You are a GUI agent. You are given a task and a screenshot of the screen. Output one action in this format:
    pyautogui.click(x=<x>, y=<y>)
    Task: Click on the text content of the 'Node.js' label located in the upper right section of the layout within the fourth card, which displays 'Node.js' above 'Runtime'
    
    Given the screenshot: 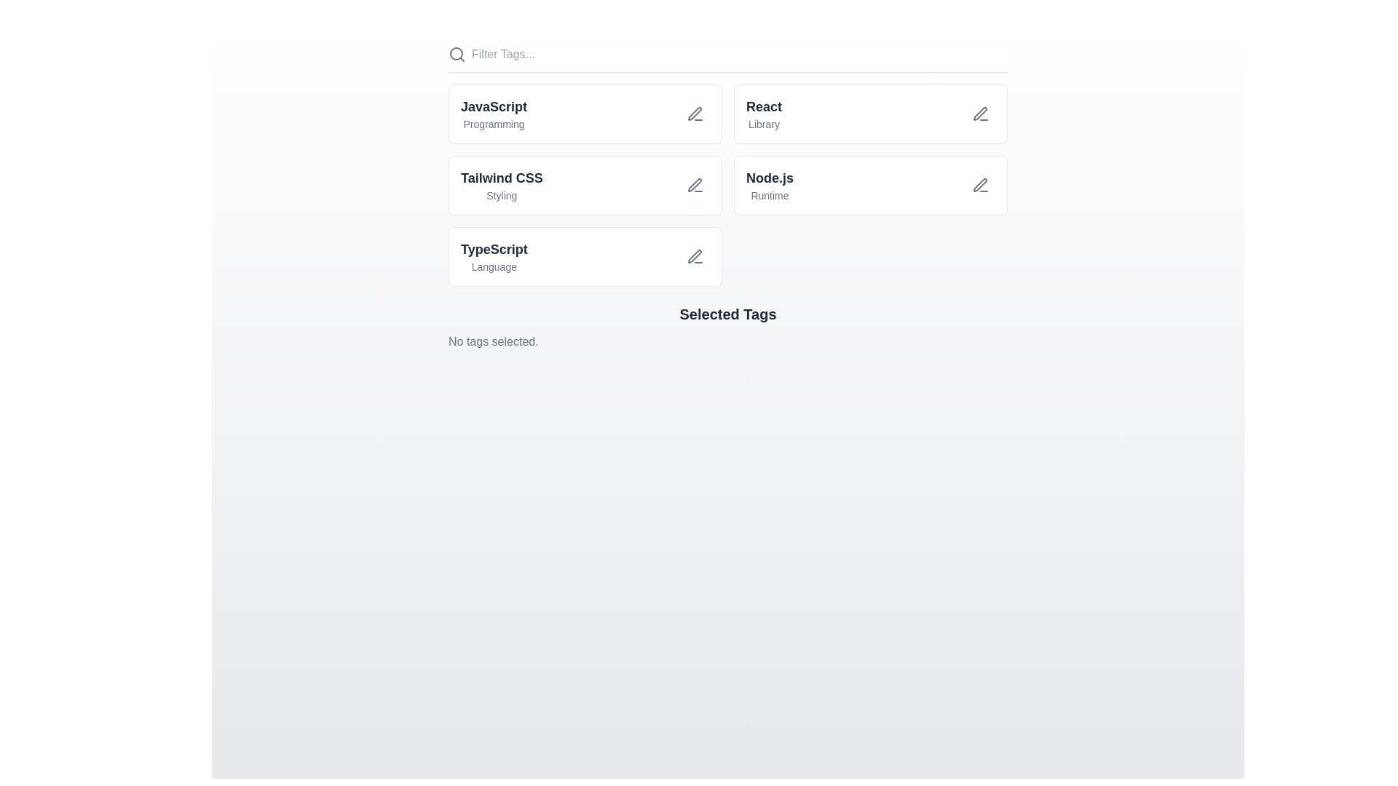 What is the action you would take?
    pyautogui.click(x=769, y=184)
    